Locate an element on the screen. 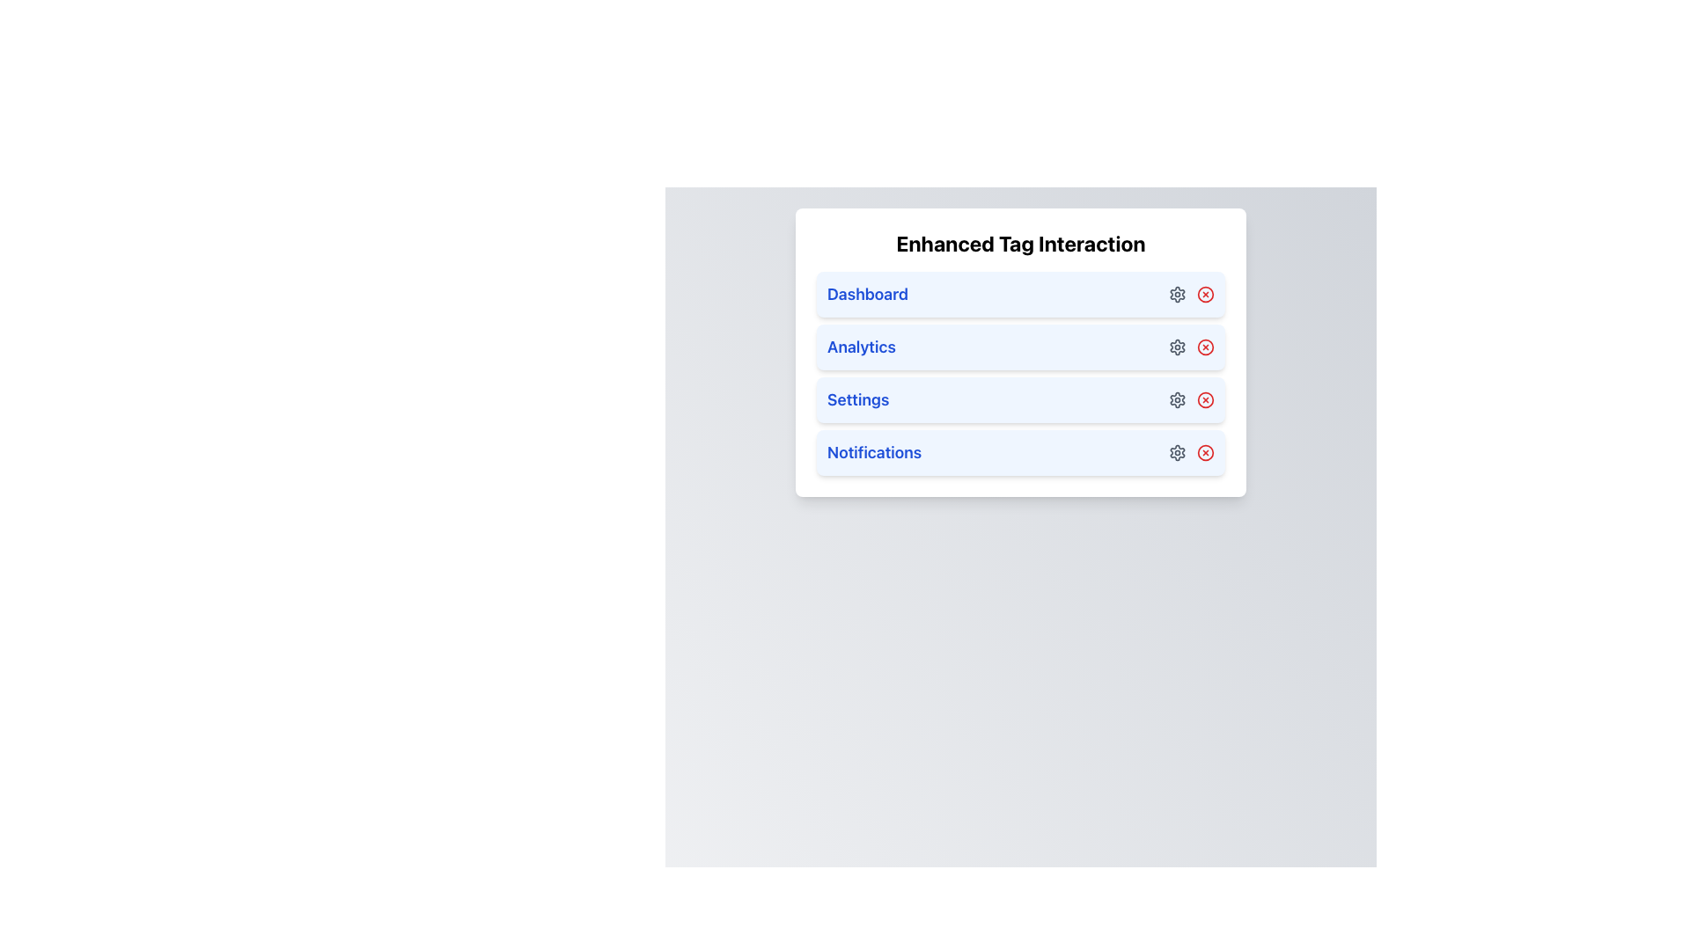 This screenshot has height=950, width=1690. the cogwheel icon styled as a settings symbol, located to the right of the 'Settings' text is located at coordinates (1178, 400).